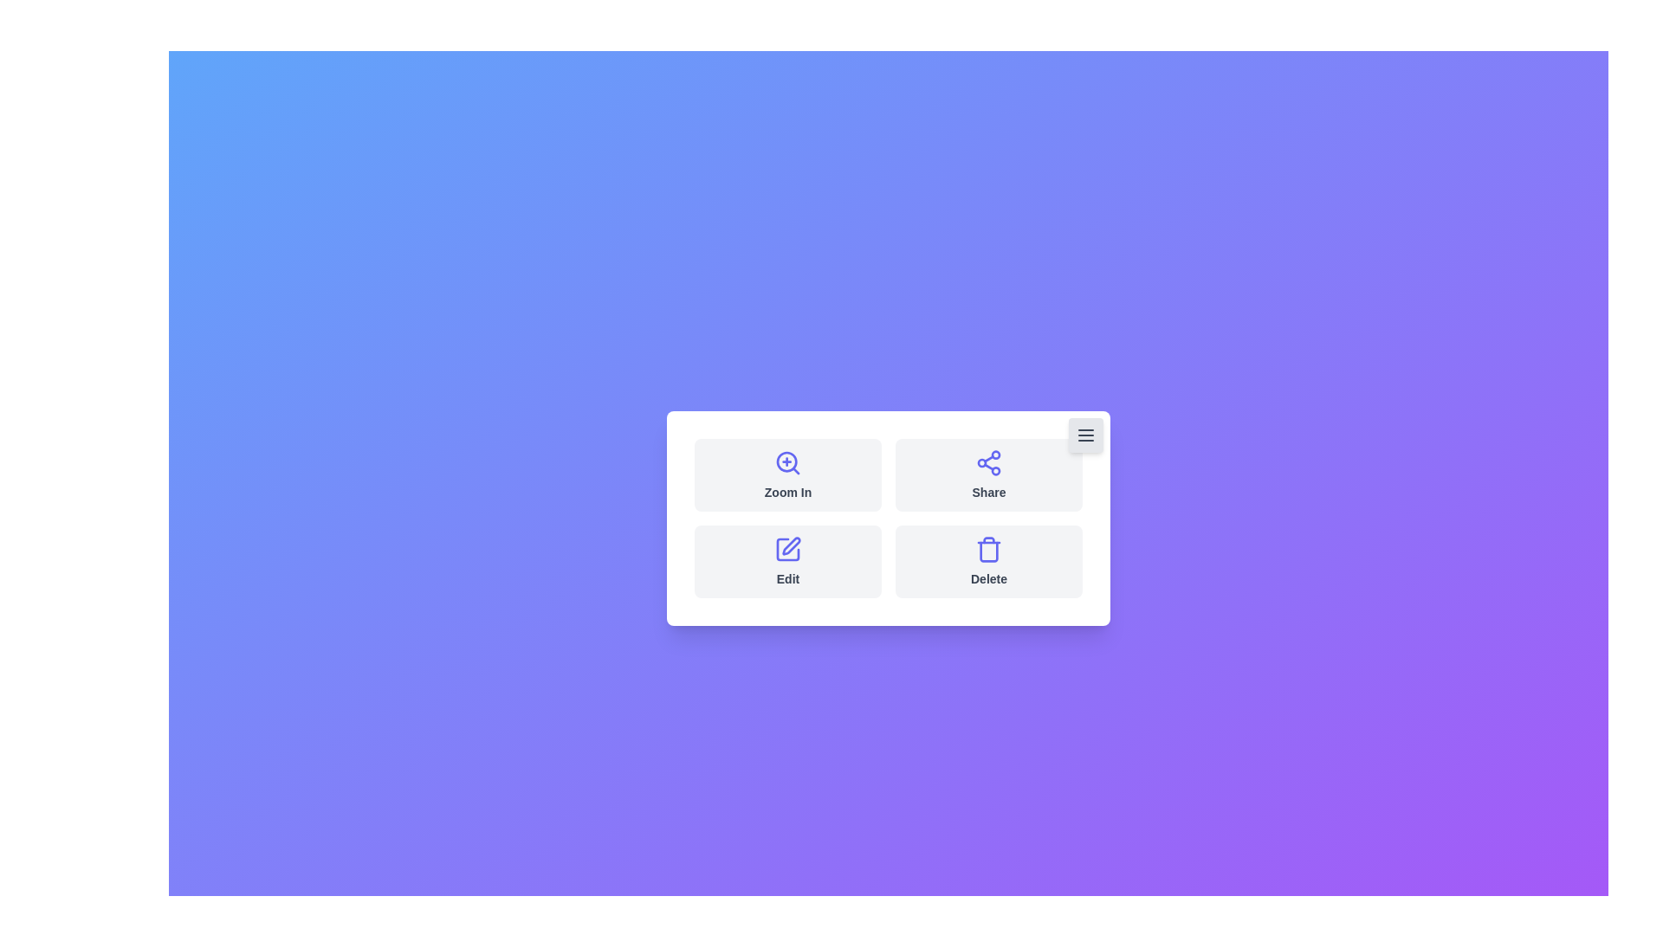  I want to click on the menu toggle button to toggle the menu visibility, so click(1084, 434).